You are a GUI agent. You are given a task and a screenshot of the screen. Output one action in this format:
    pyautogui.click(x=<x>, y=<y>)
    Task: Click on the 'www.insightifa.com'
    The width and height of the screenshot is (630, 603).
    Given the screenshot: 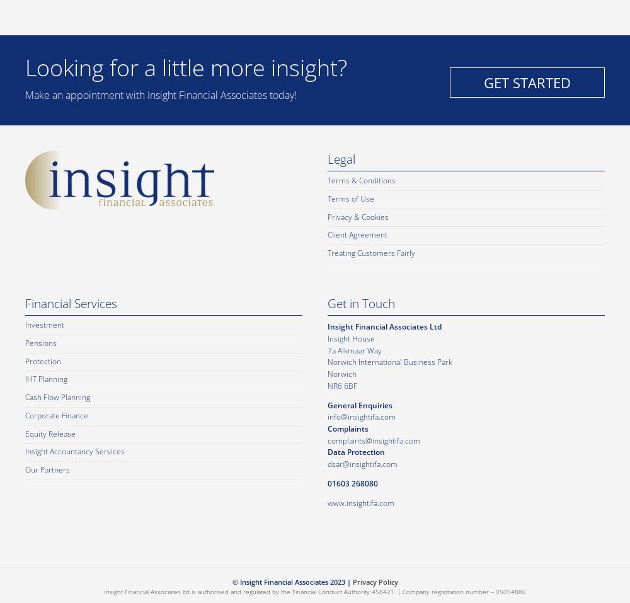 What is the action you would take?
    pyautogui.click(x=360, y=502)
    